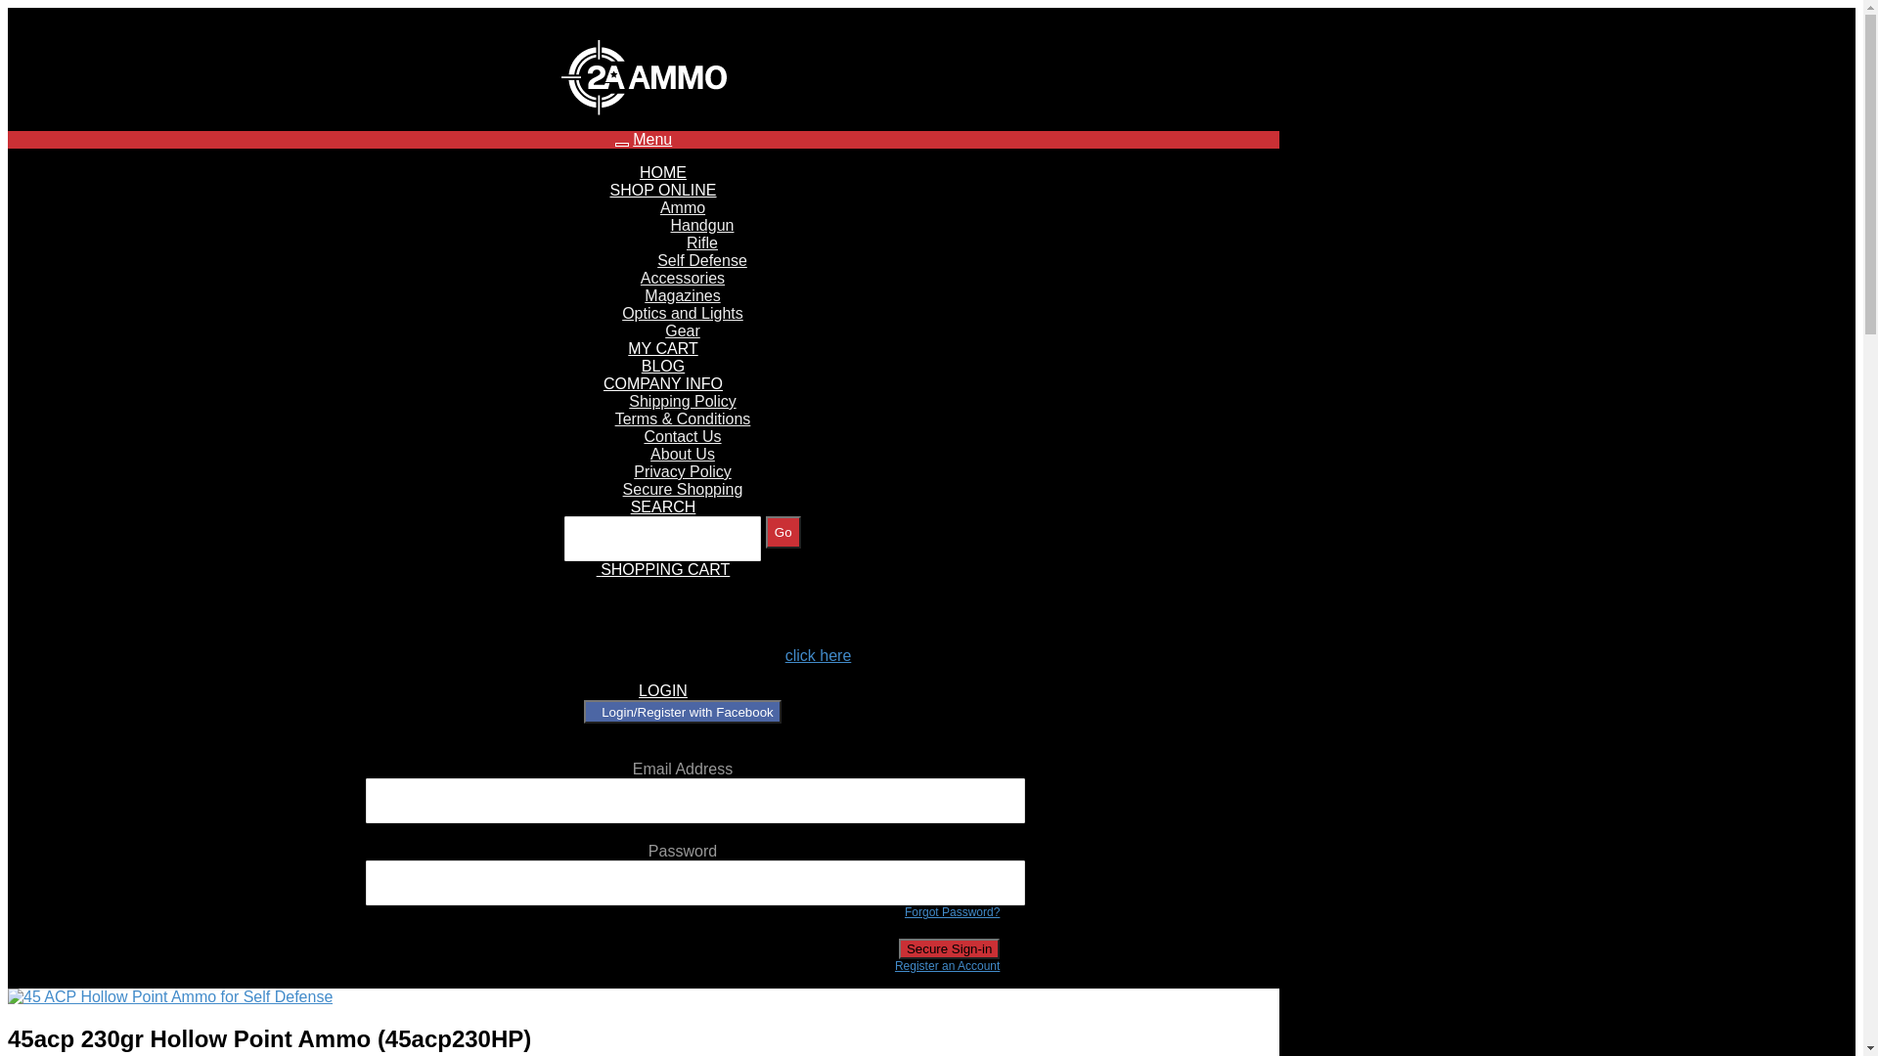 The height and width of the screenshot is (1056, 1878). Describe the element at coordinates (686, 242) in the screenshot. I see `'Rifle'` at that location.